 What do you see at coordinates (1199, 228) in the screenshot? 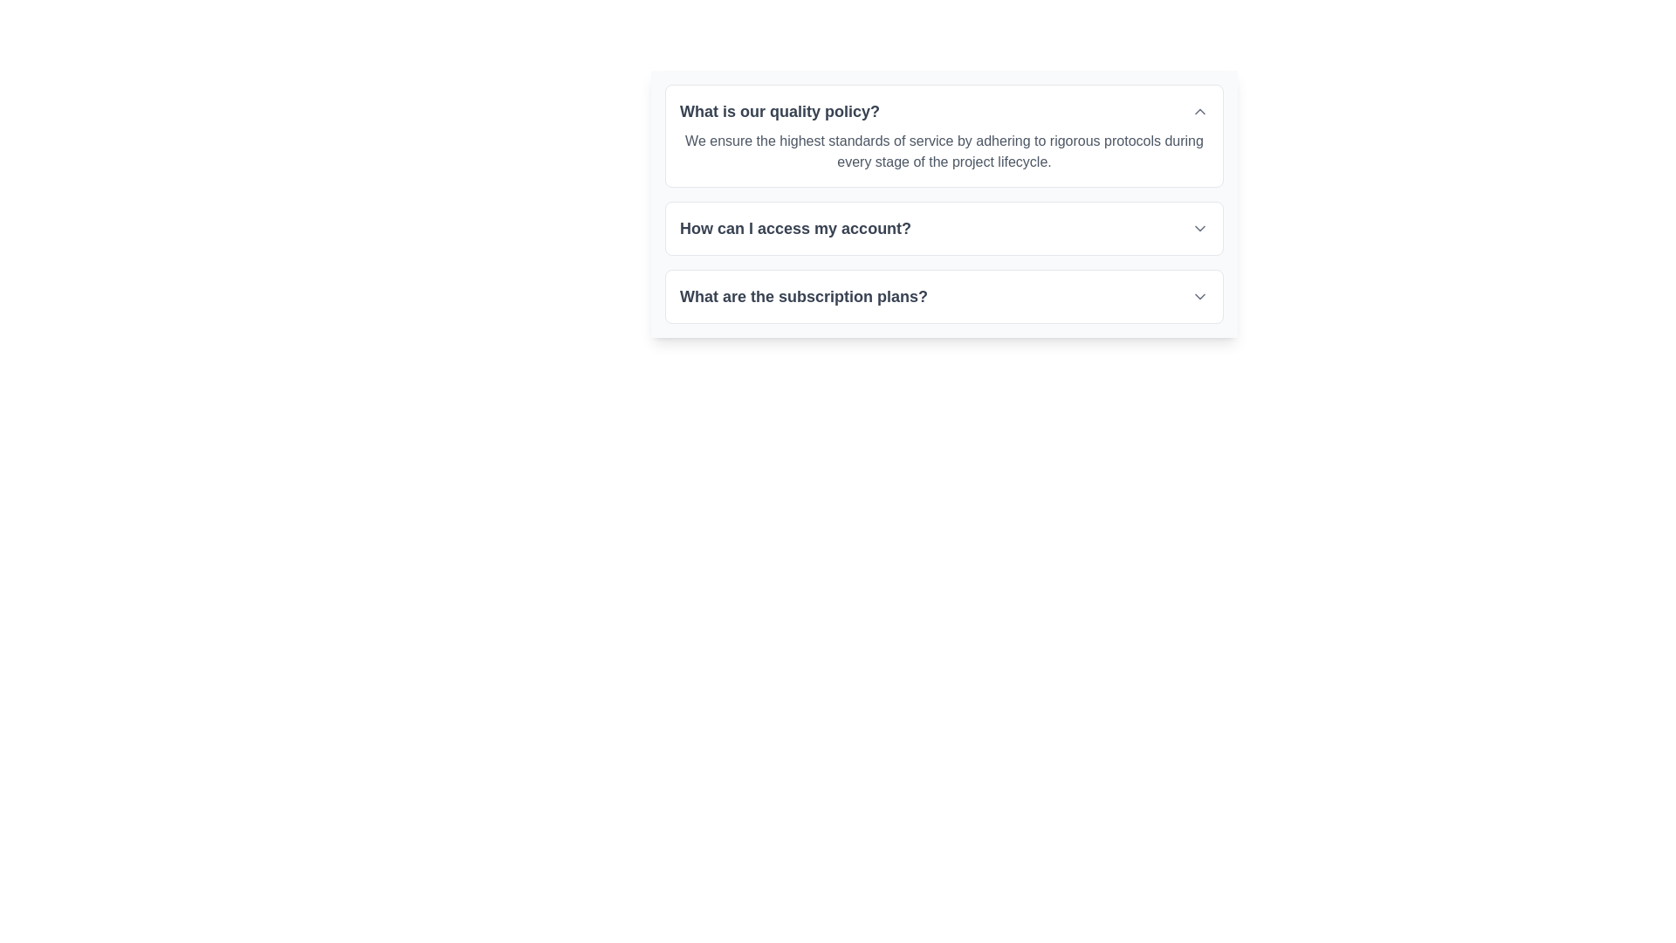
I see `the downward chevron icon located at the far-right end of the 'How can I access my account?' text block` at bounding box center [1199, 228].